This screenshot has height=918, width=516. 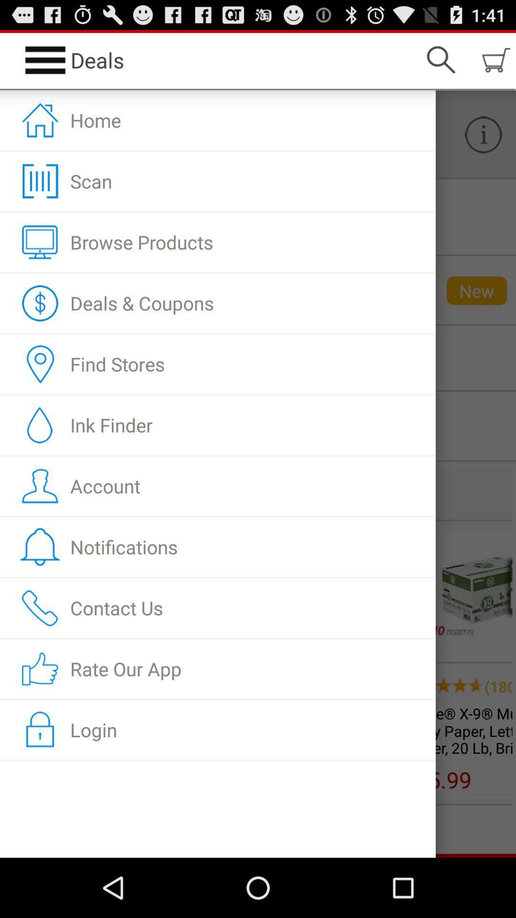 What do you see at coordinates (31, 426) in the screenshot?
I see `the droplet symbol beside ink finder` at bounding box center [31, 426].